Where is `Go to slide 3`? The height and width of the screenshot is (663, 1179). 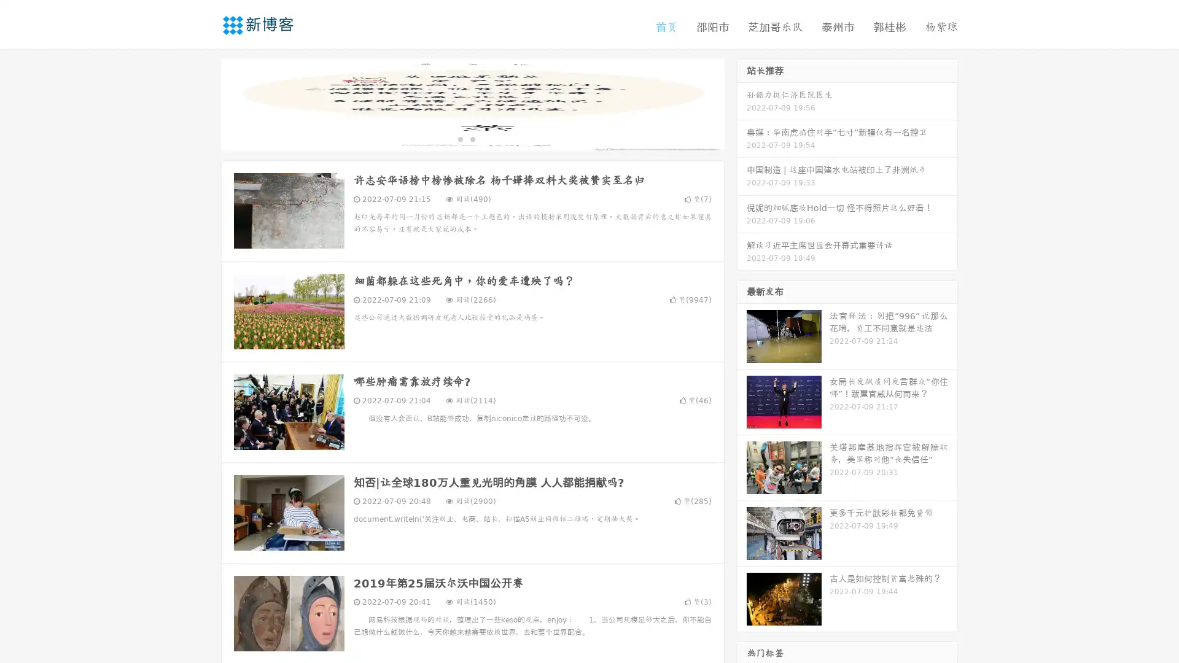
Go to slide 3 is located at coordinates (484, 138).